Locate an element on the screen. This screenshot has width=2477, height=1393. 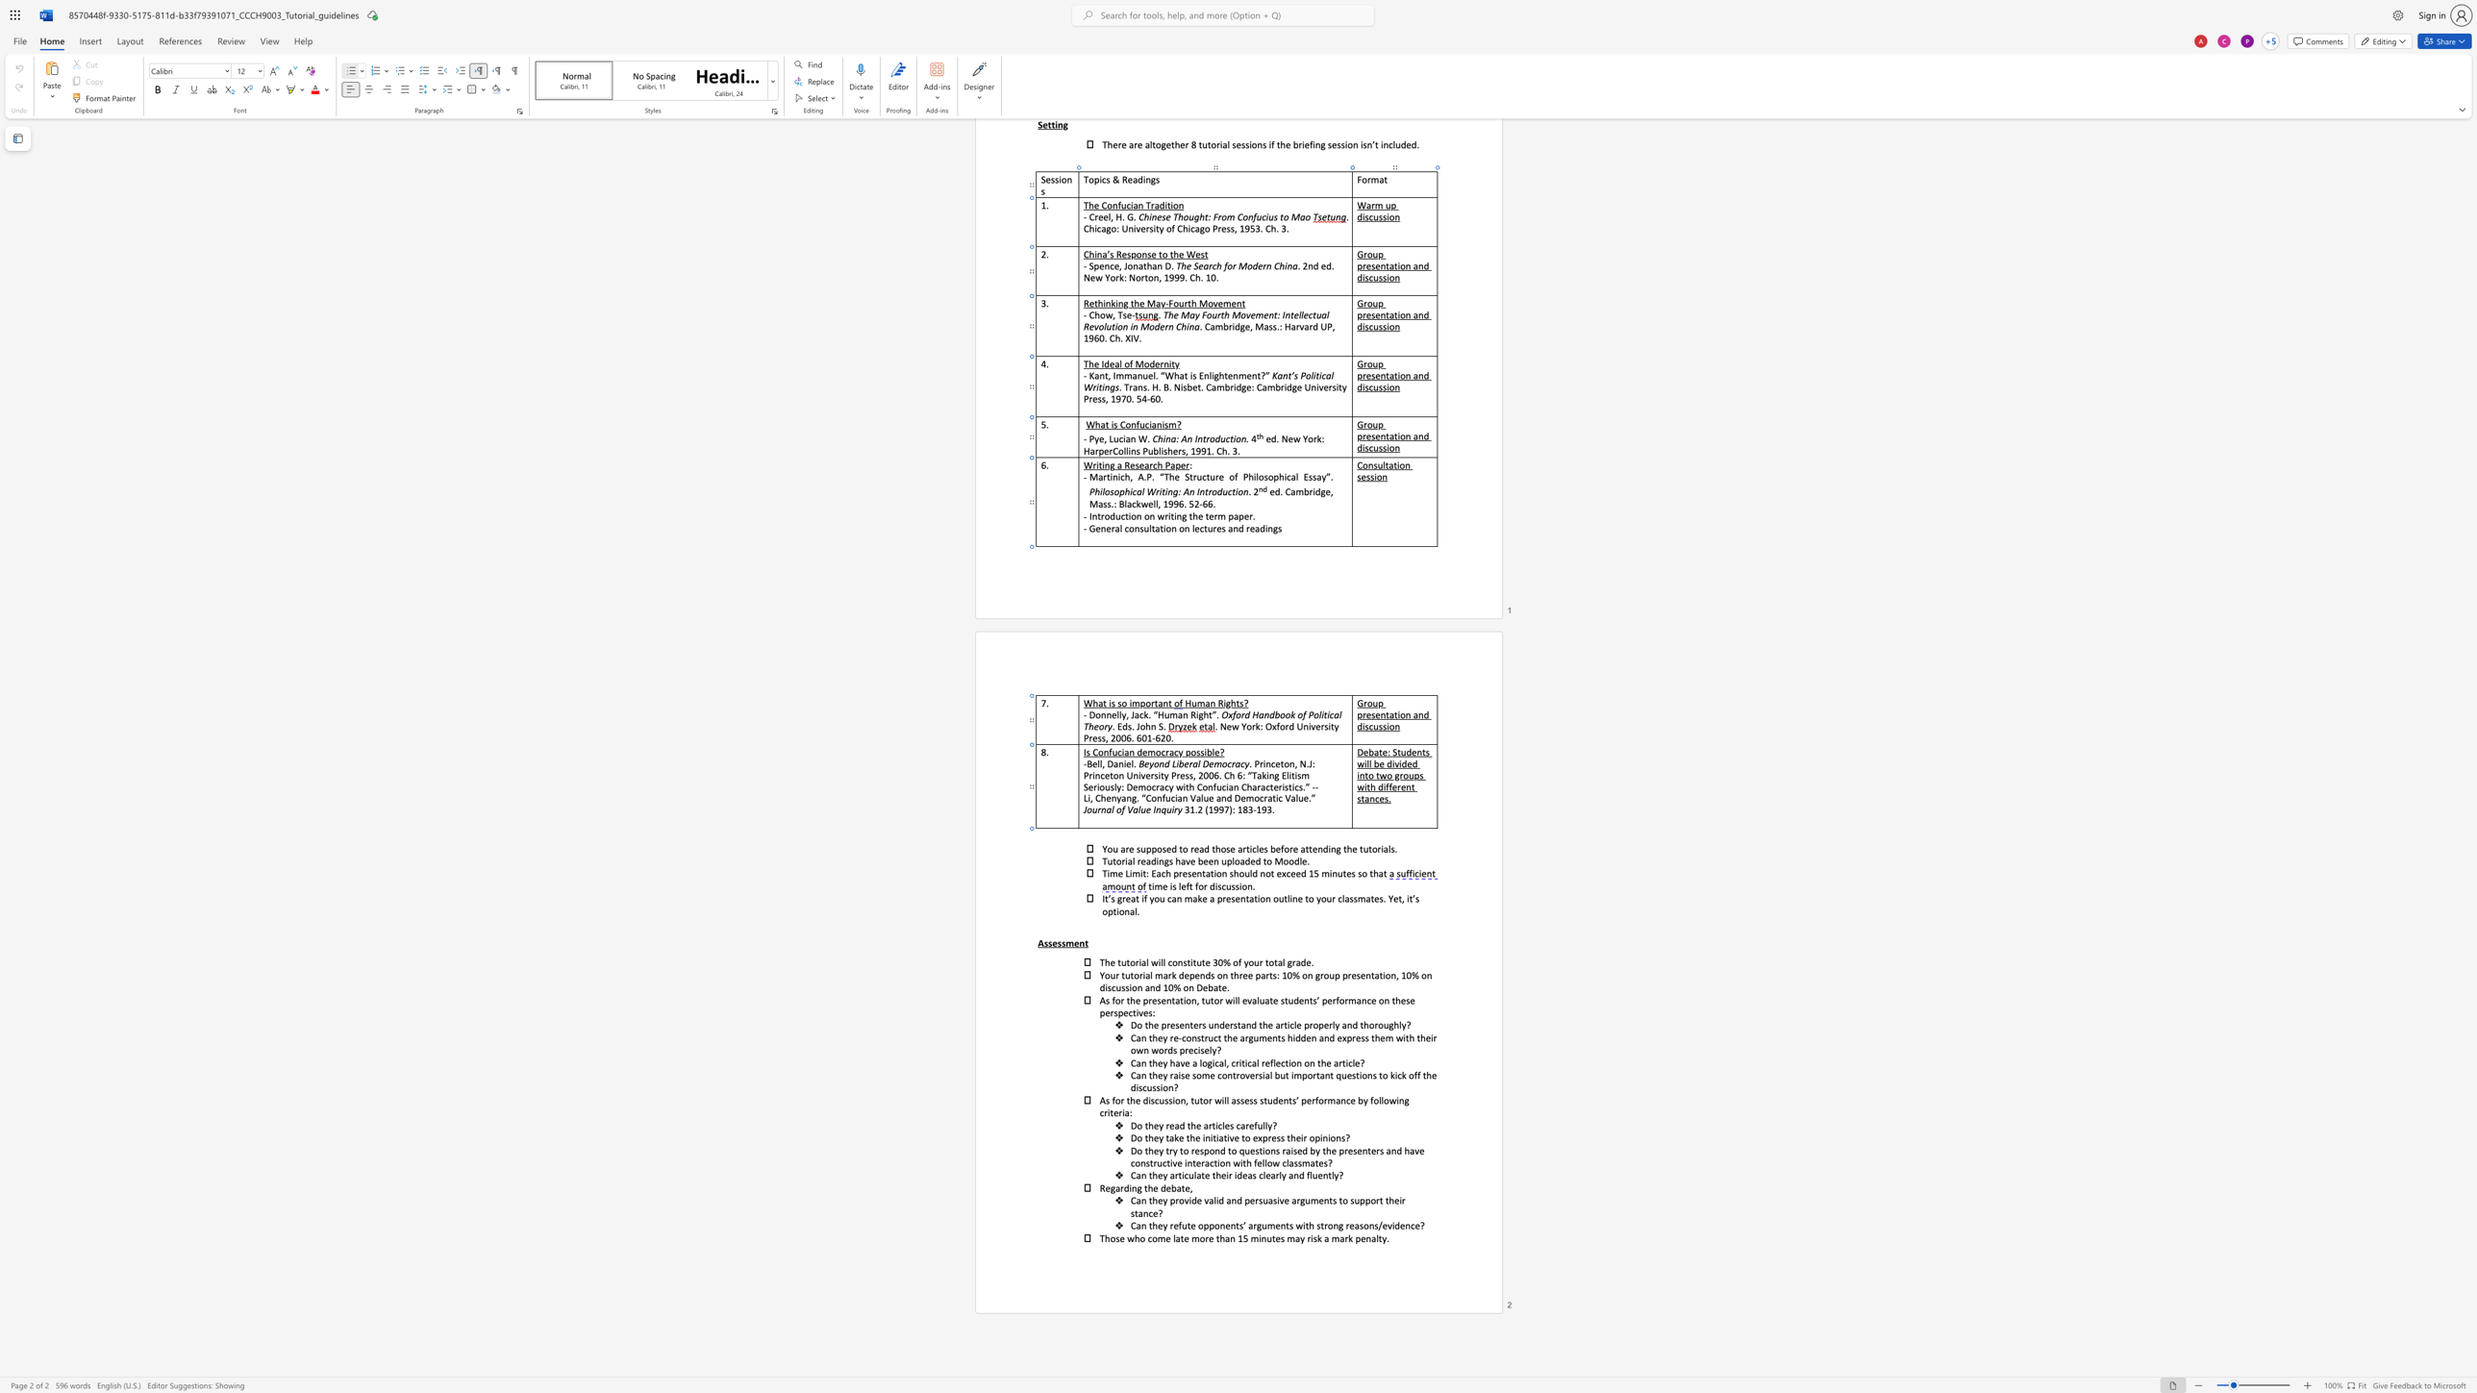
the space between the continuous character "e" and "n" in the text is located at coordinates (1365, 1237).